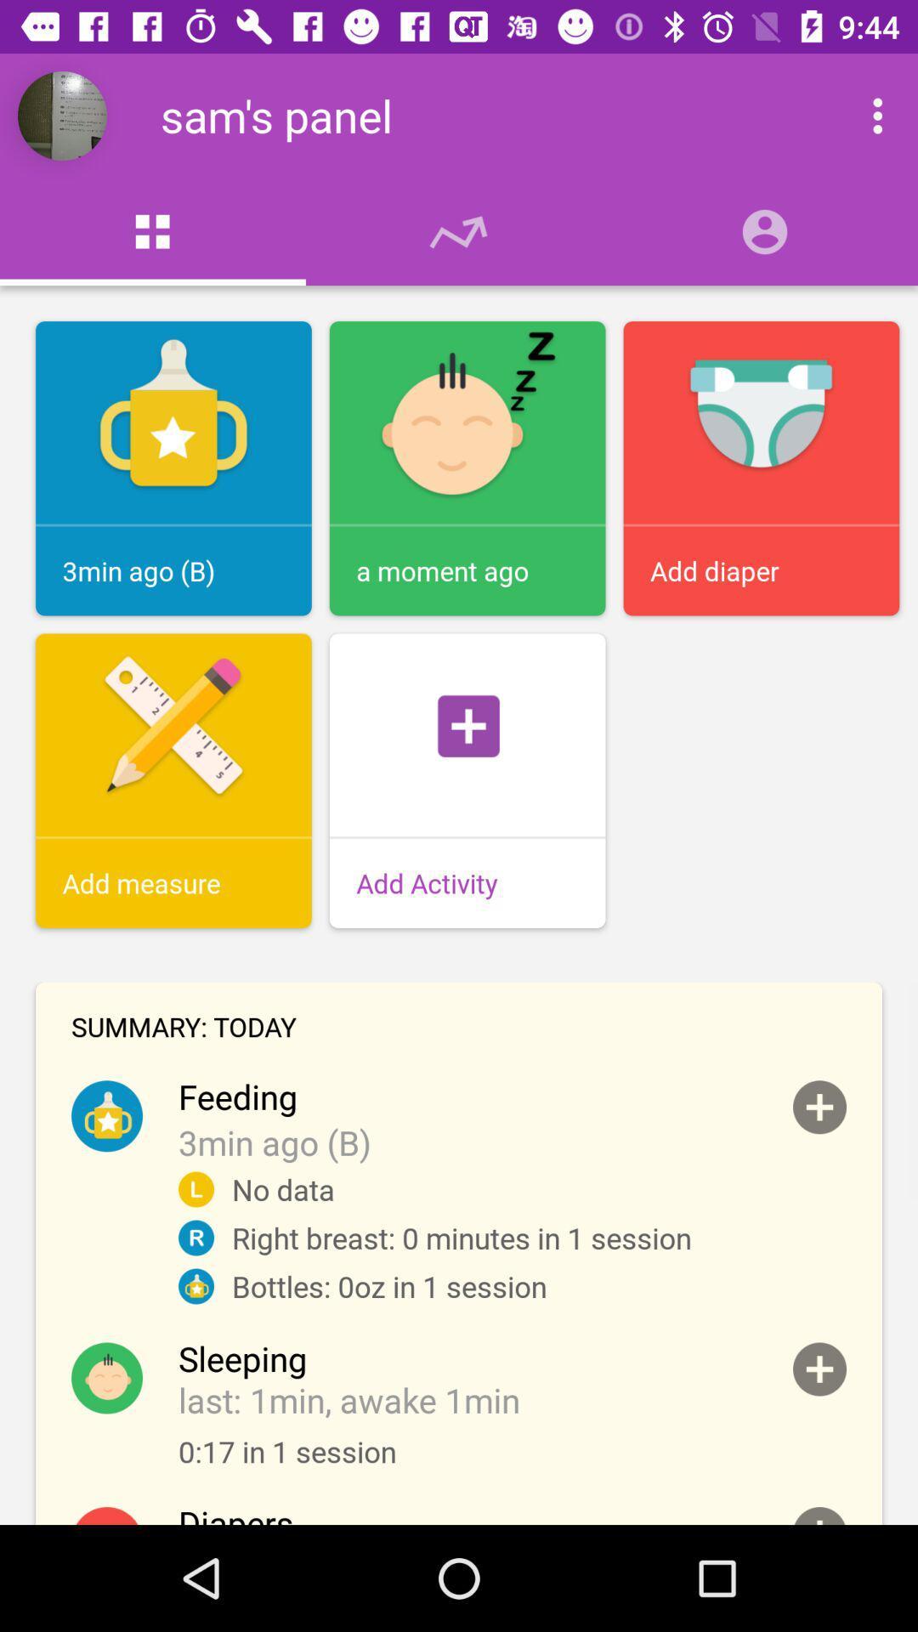  What do you see at coordinates (819, 1516) in the screenshot?
I see `a diaper` at bounding box center [819, 1516].